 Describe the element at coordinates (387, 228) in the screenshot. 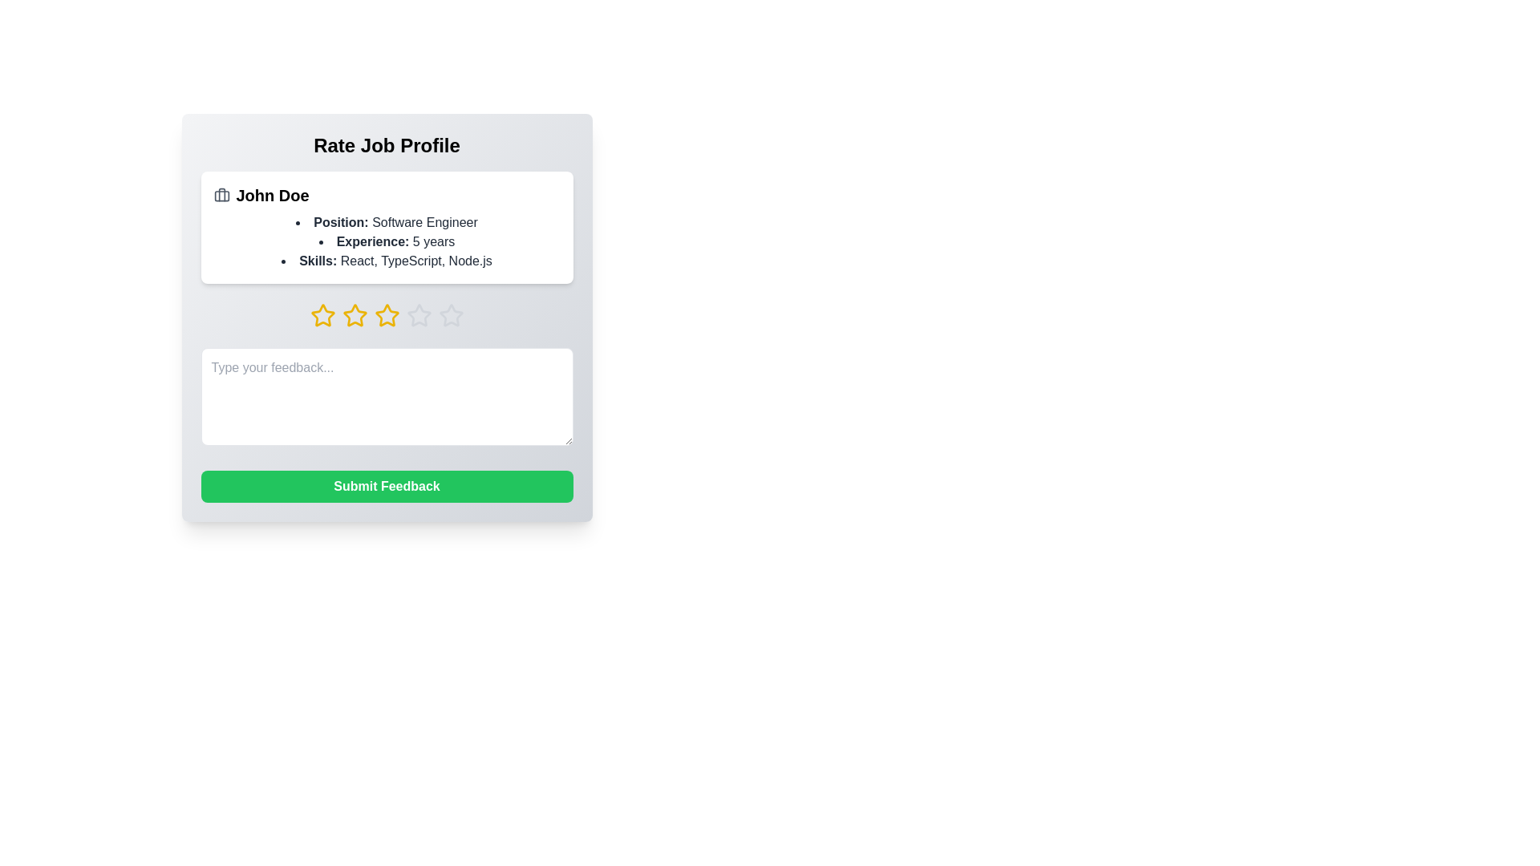

I see `information presented in the Informational Card for 'John Doe', which includes details about their job position as a Software Engineer, 5 years of experience, and skills such as React, TypeScript, and Node.js` at that location.